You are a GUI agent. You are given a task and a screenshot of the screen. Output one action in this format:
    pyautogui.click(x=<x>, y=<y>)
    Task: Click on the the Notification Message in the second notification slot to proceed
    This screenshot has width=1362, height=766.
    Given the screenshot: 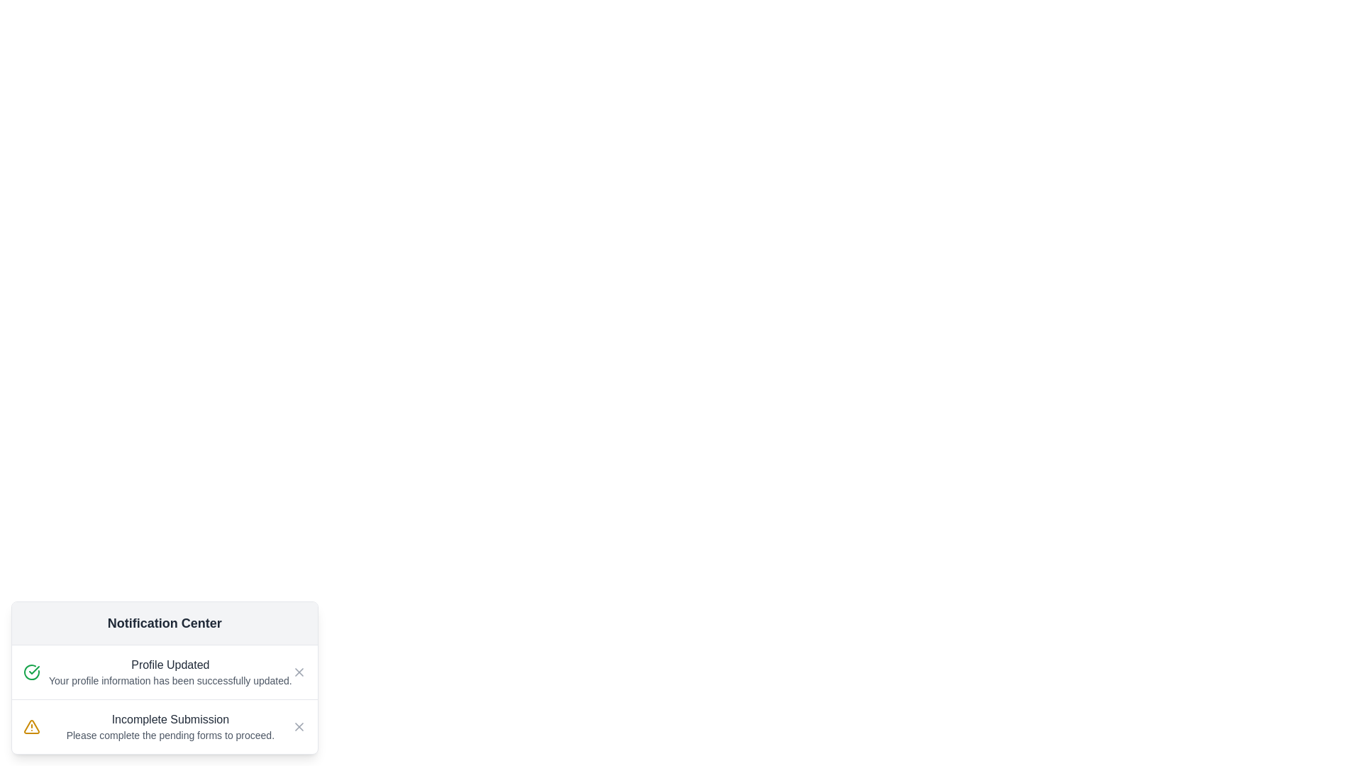 What is the action you would take?
    pyautogui.click(x=170, y=727)
    